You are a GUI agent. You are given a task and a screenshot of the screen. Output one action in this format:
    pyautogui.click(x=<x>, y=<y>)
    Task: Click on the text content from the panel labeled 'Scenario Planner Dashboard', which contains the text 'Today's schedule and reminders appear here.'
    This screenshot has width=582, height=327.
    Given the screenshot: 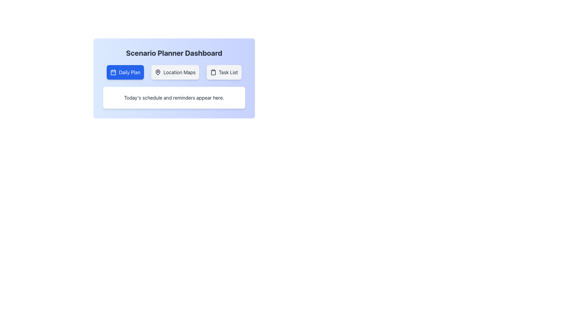 What is the action you would take?
    pyautogui.click(x=174, y=78)
    